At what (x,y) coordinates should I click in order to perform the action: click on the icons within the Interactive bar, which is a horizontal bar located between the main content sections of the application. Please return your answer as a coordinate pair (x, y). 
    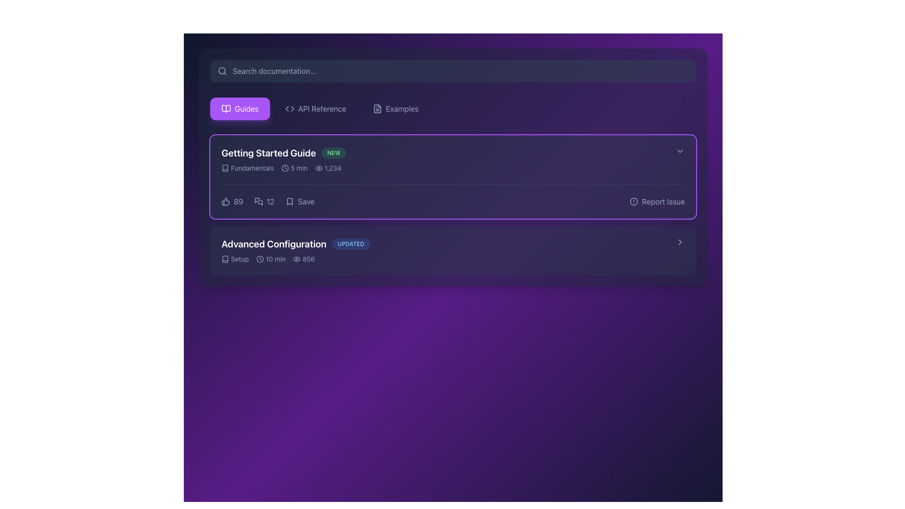
    Looking at the image, I should click on (453, 201).